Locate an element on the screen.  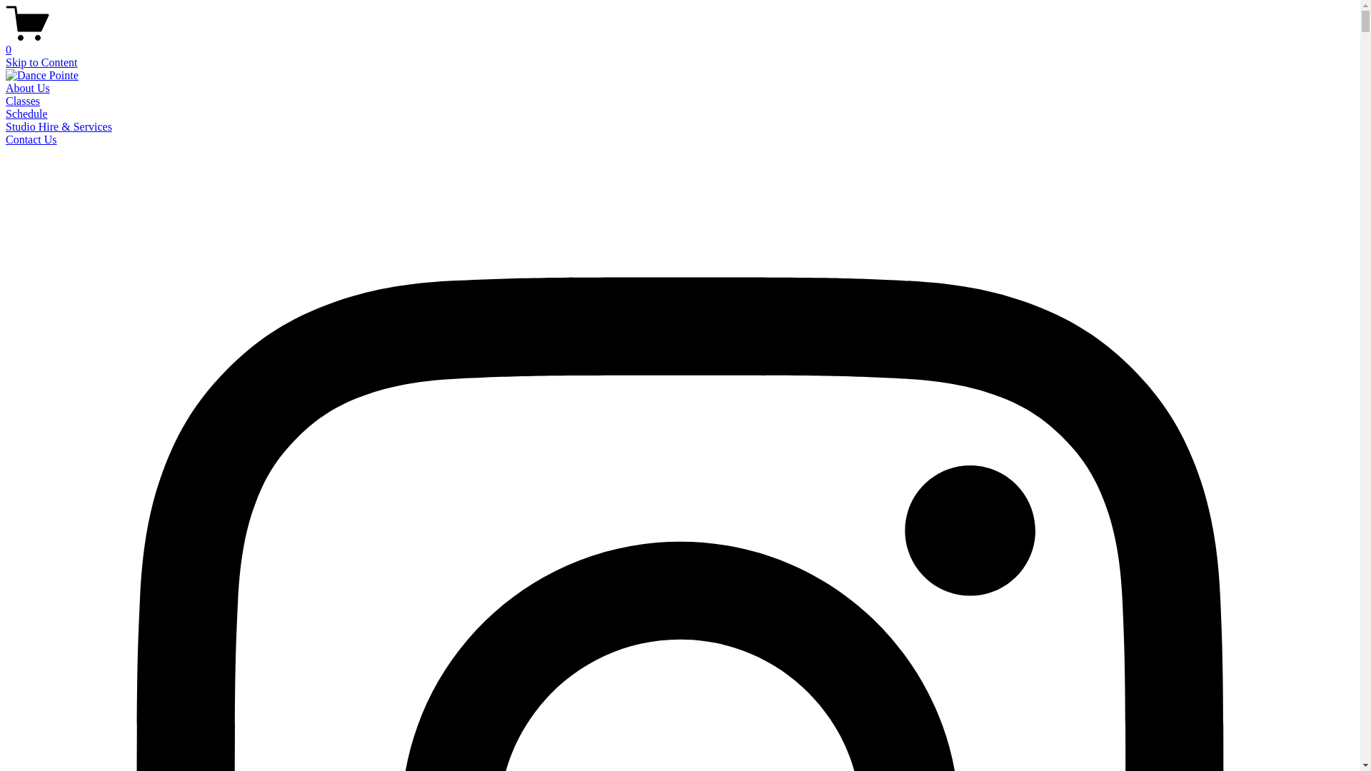
'About Us' is located at coordinates (6, 88).